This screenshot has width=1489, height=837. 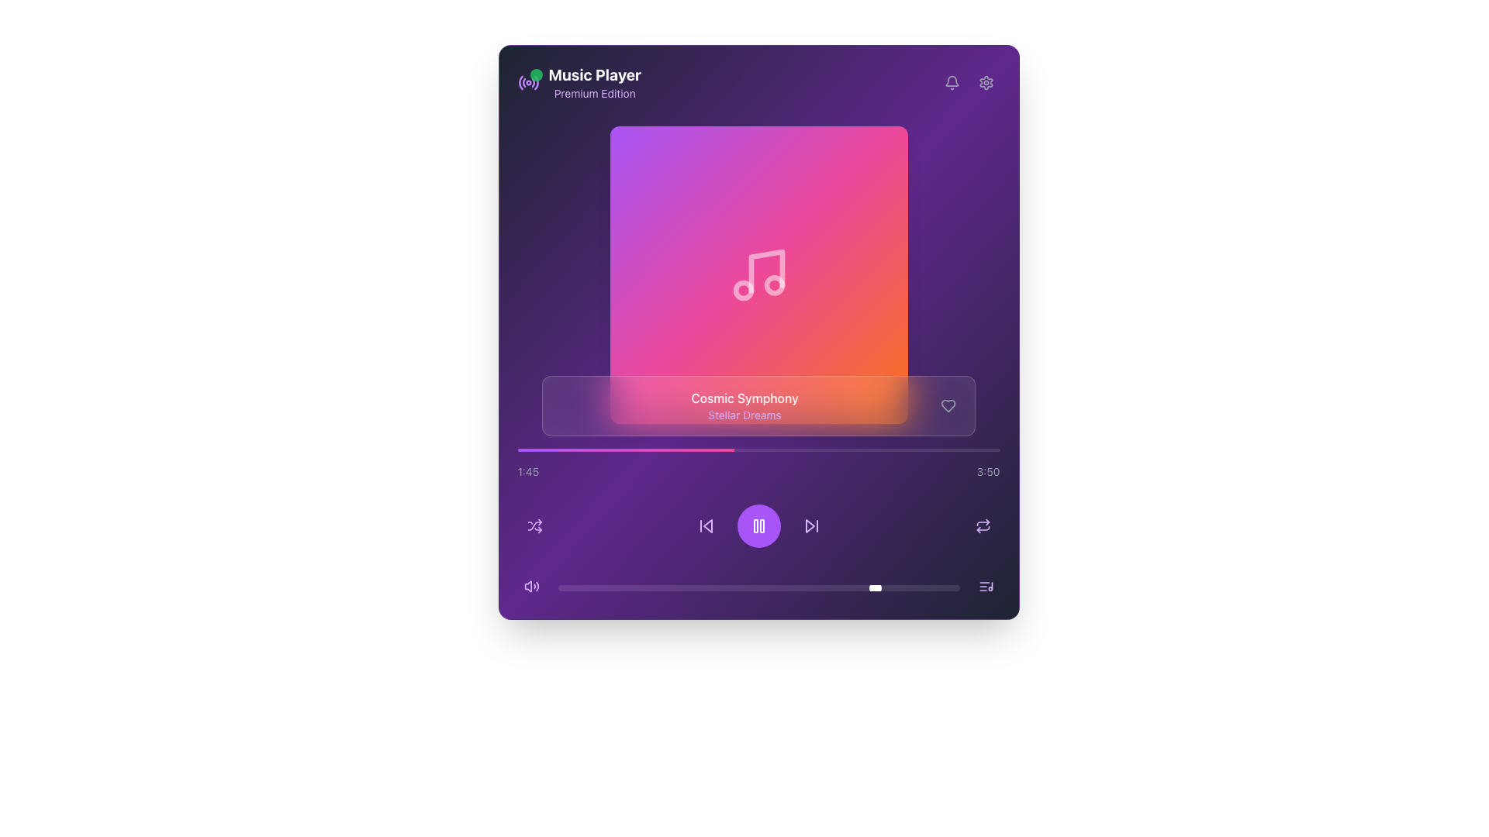 I want to click on the bell-shaped notification icon located at the top-right of the application's main header, positioned to the left of the gear icon, so click(x=951, y=81).